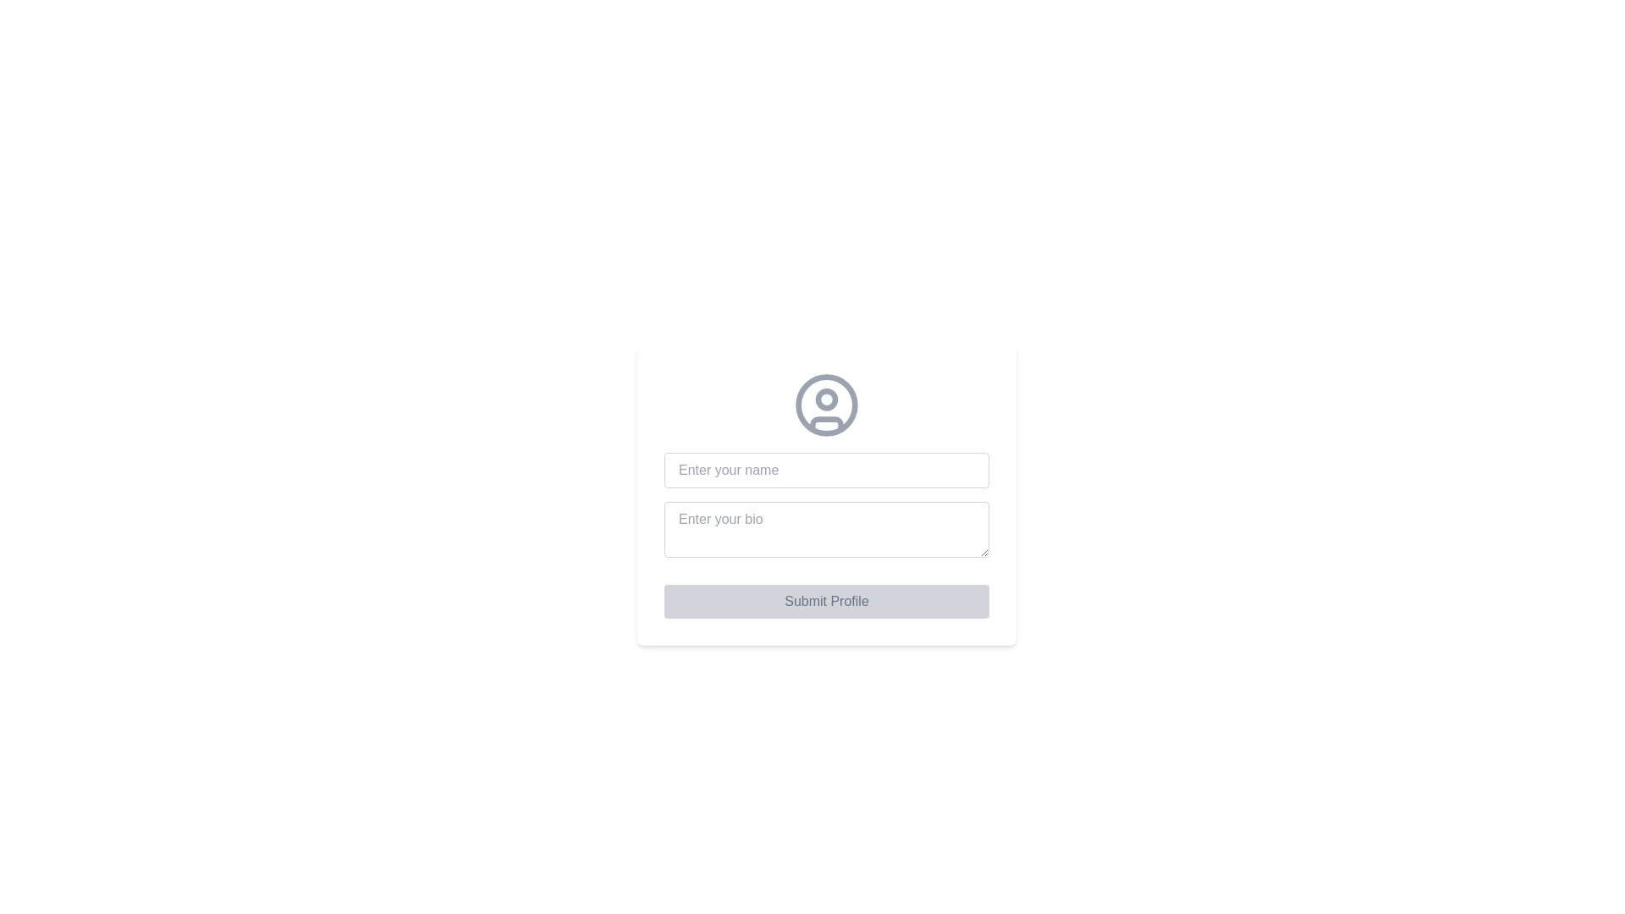  I want to click on the 'Submit Profile' button, which is a rectangular button with rounded corners, light gray background, and darker gray text, located at the bottom of the layout beneath the text input fields, so click(827, 600).